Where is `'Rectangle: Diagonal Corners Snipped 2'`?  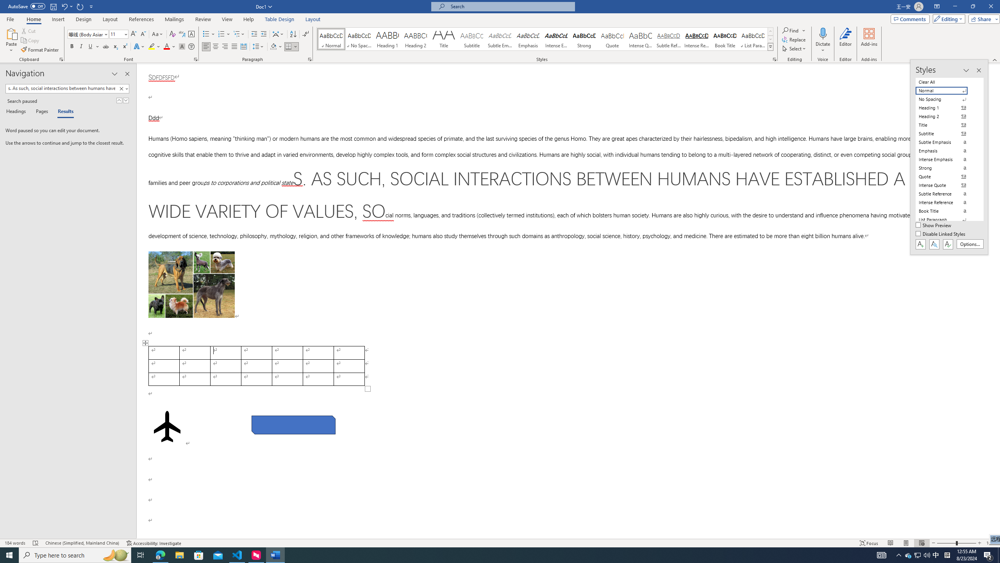
'Rectangle: Diagonal Corners Snipped 2' is located at coordinates (293, 425).